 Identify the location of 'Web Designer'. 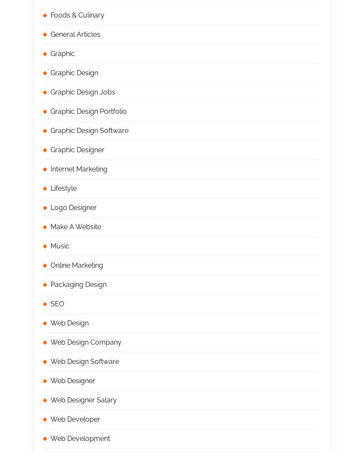
(50, 380).